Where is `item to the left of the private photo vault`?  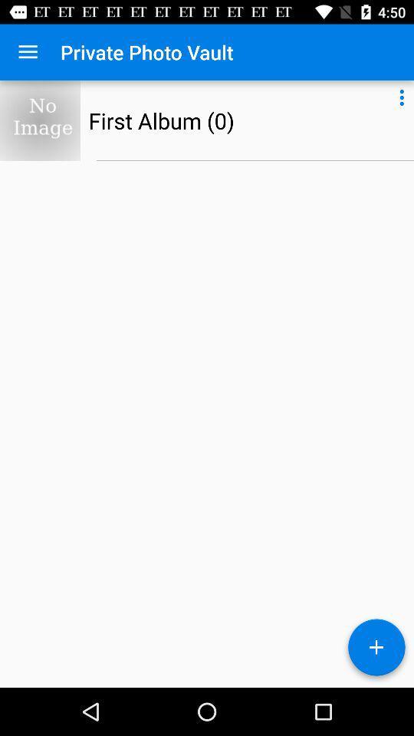
item to the left of the private photo vault is located at coordinates (28, 52).